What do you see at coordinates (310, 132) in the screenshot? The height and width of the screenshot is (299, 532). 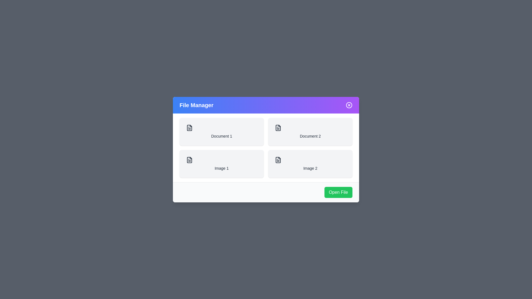 I see `the file item Document 2 from the list` at bounding box center [310, 132].